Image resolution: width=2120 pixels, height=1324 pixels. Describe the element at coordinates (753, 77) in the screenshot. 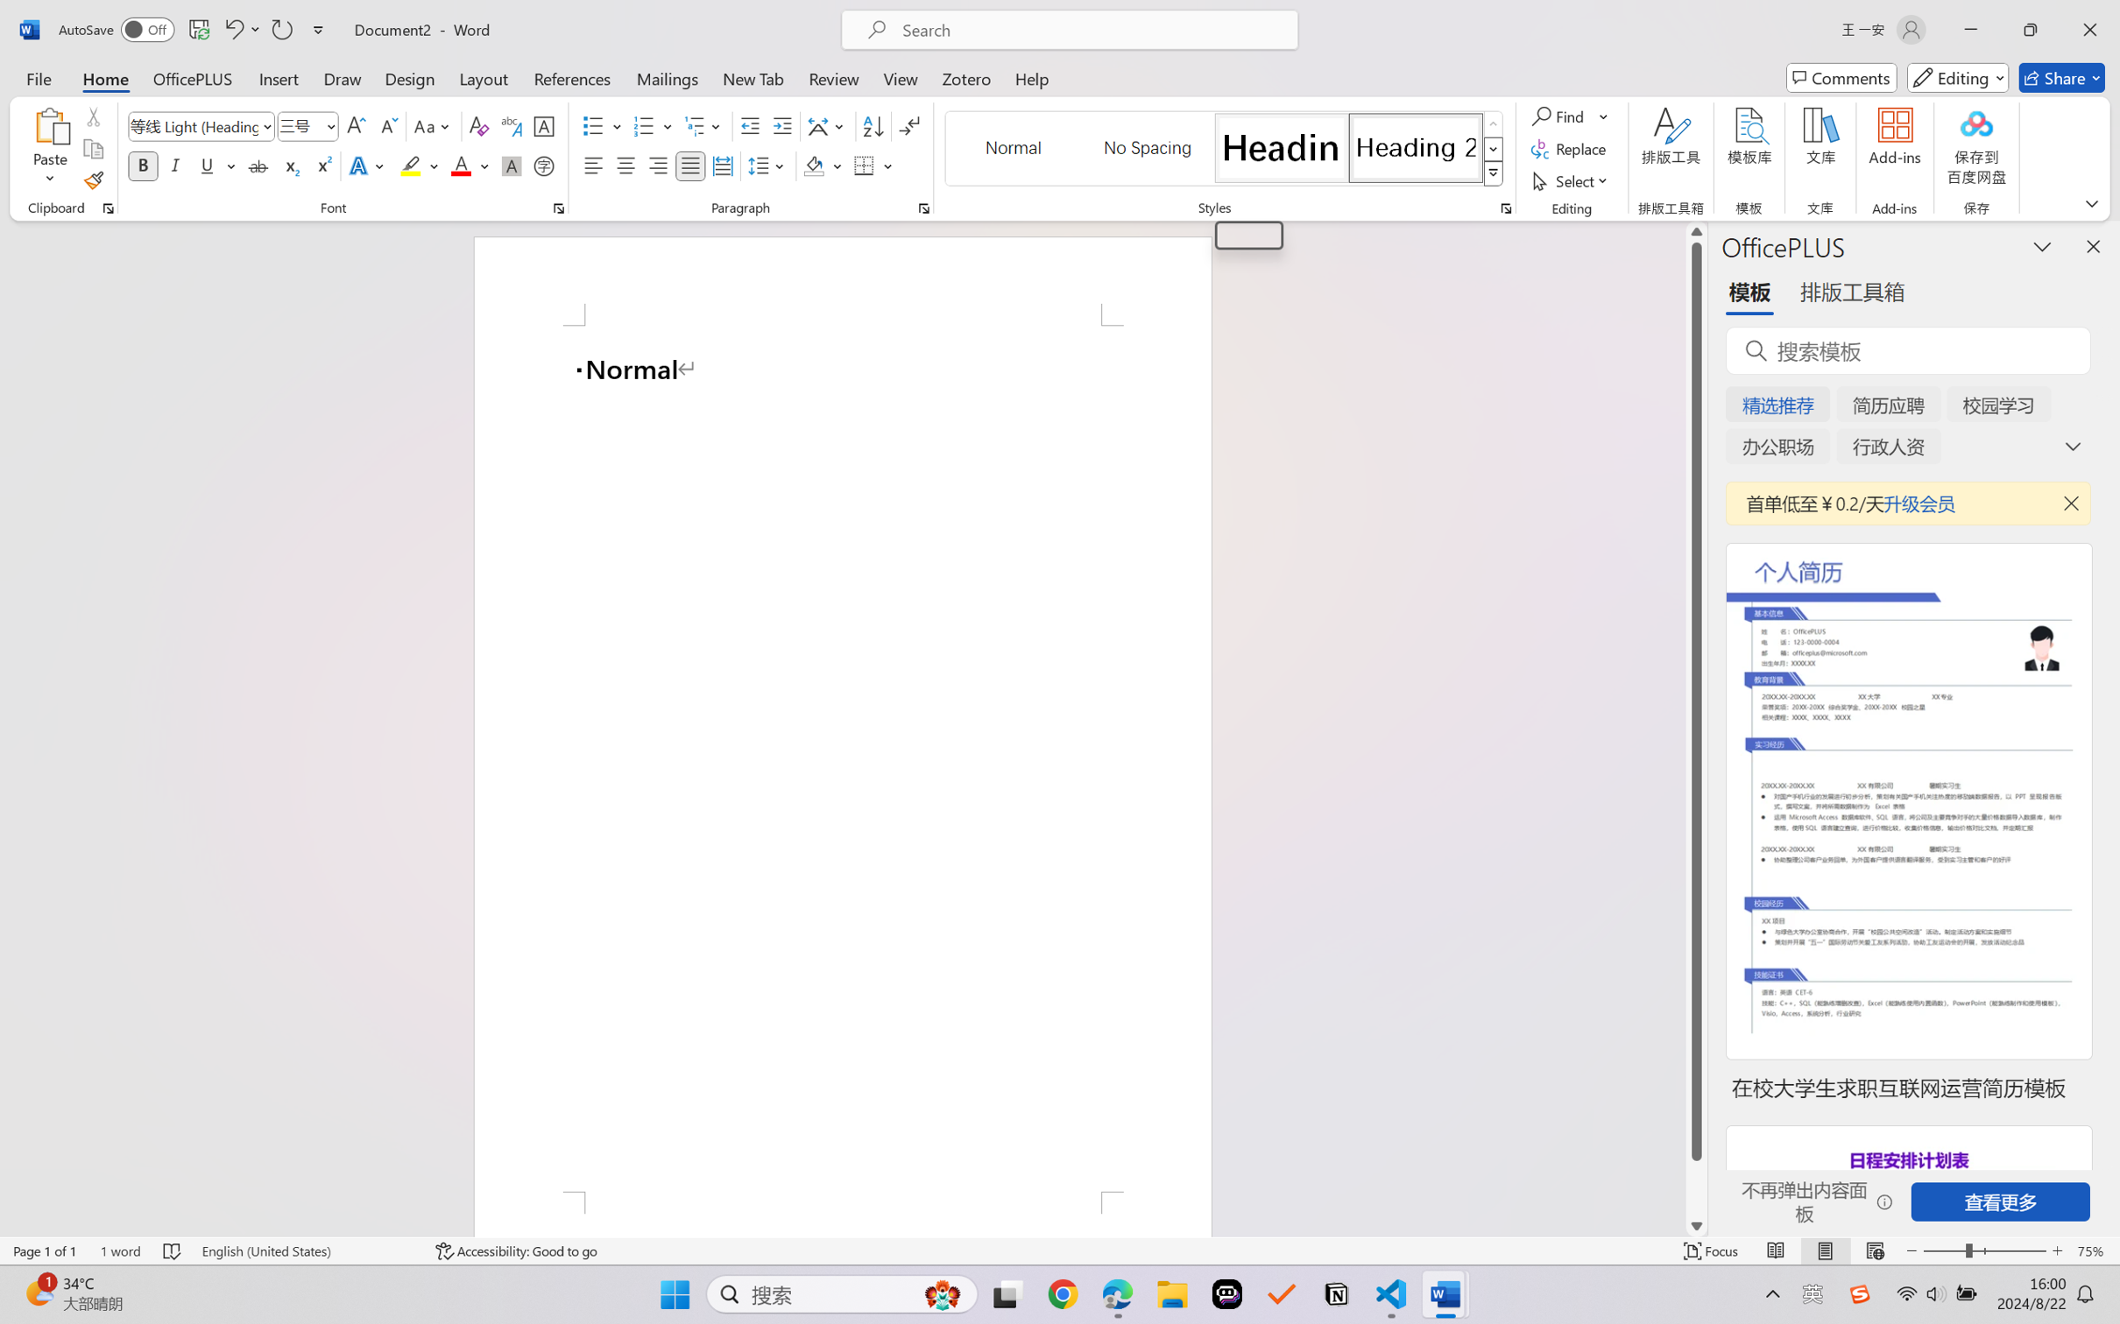

I see `'New Tab'` at that location.